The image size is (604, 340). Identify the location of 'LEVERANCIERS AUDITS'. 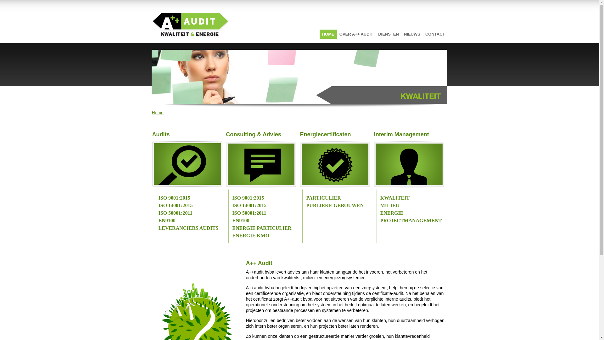
(188, 228).